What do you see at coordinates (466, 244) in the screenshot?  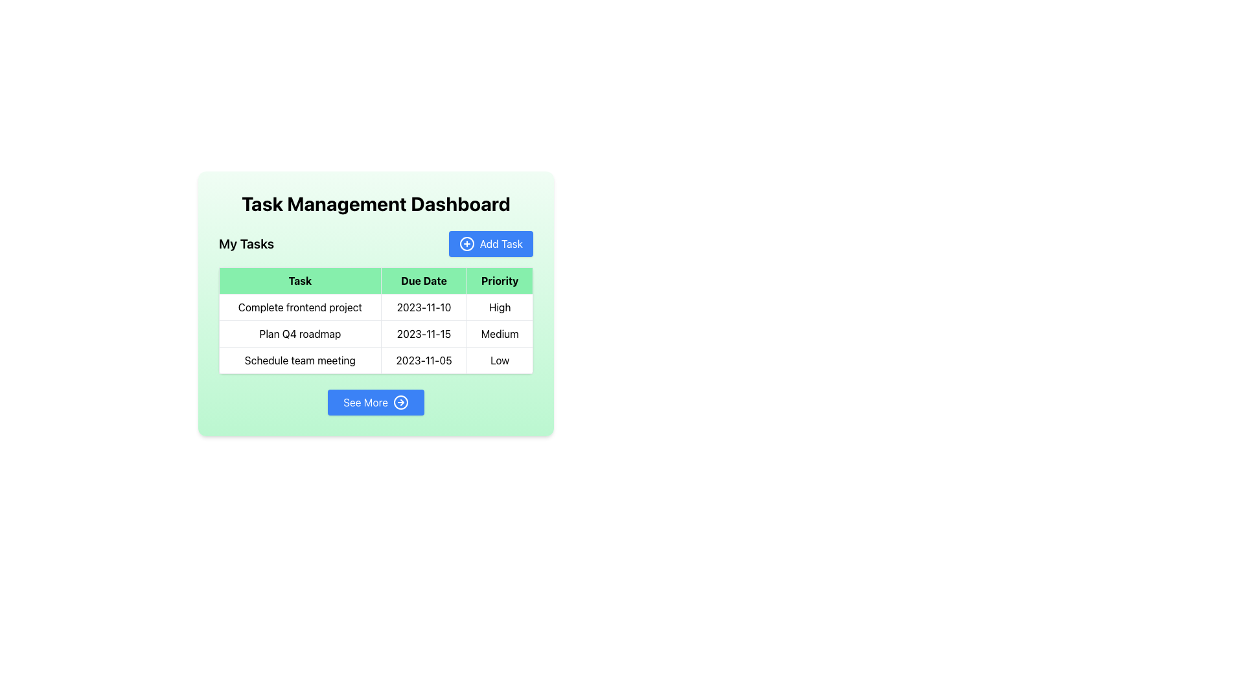 I see `the SVG circle that forms part of the 'add' icon in the 'Add Task' button located in the top-right area of the task management dashboard` at bounding box center [466, 244].